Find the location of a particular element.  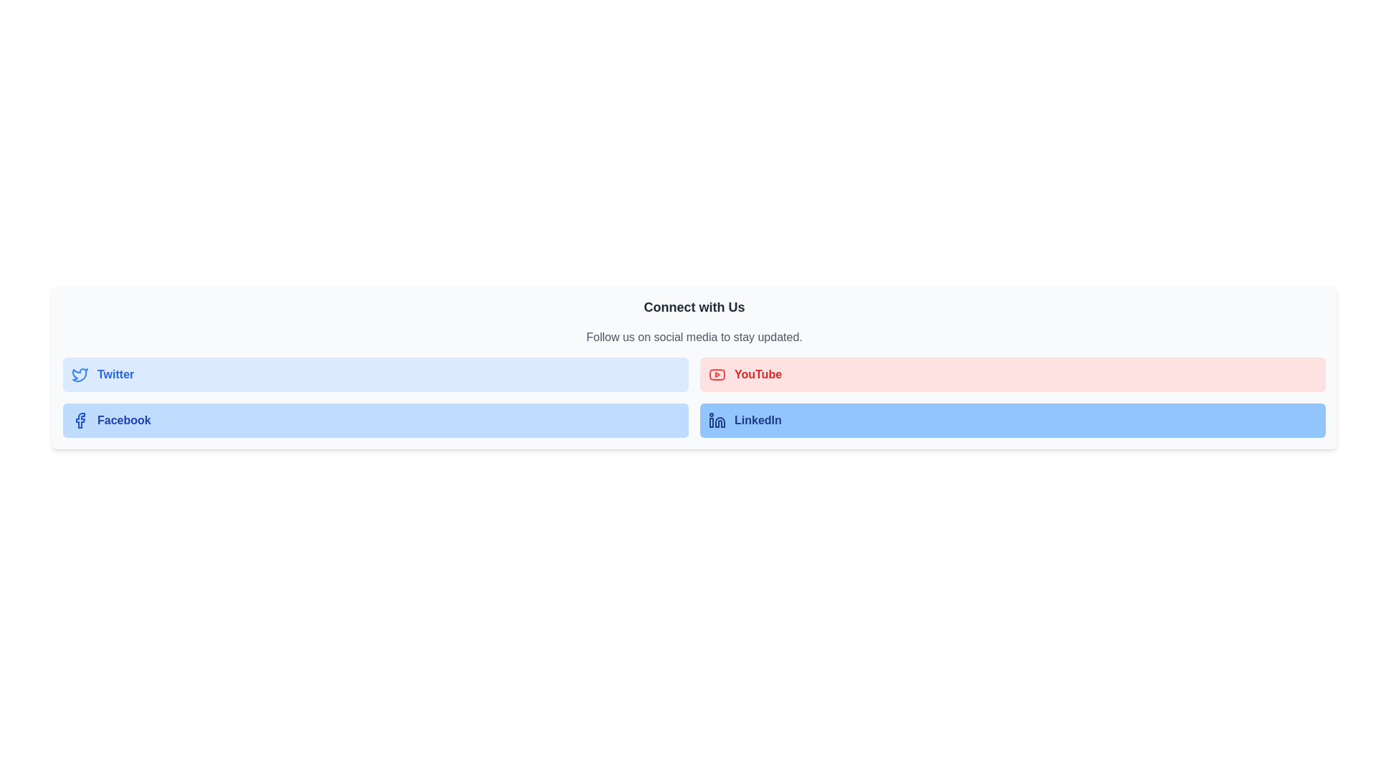

the LinkedIn decorative icon located at the bottom-right corner of the social media section, which is the leftmost component of the clickable button labeled 'LinkedIn' is located at coordinates (717, 419).